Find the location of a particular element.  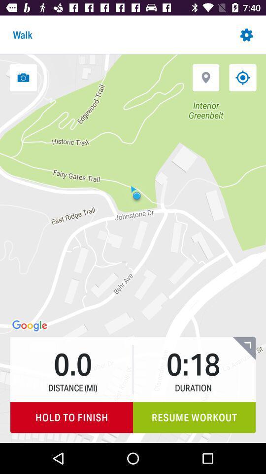

the photo icon is located at coordinates (23, 77).